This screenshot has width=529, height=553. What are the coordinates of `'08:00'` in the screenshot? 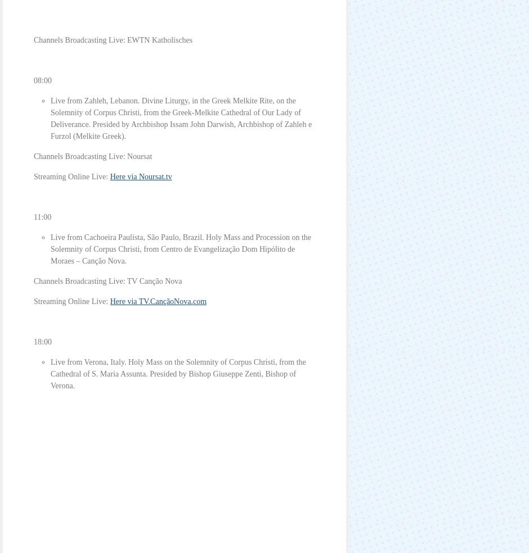 It's located at (42, 80).